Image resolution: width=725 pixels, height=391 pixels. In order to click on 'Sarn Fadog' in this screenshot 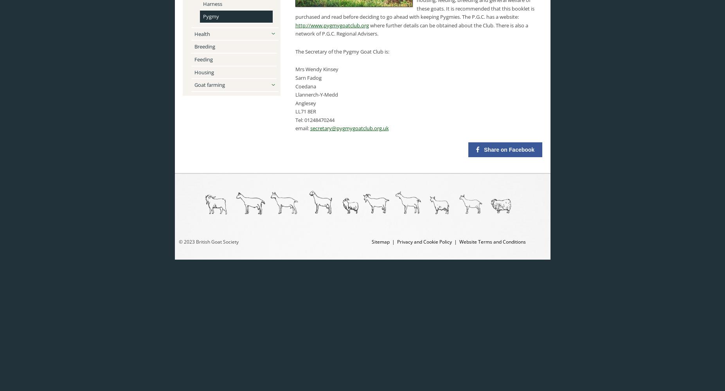, I will do `click(294, 77)`.